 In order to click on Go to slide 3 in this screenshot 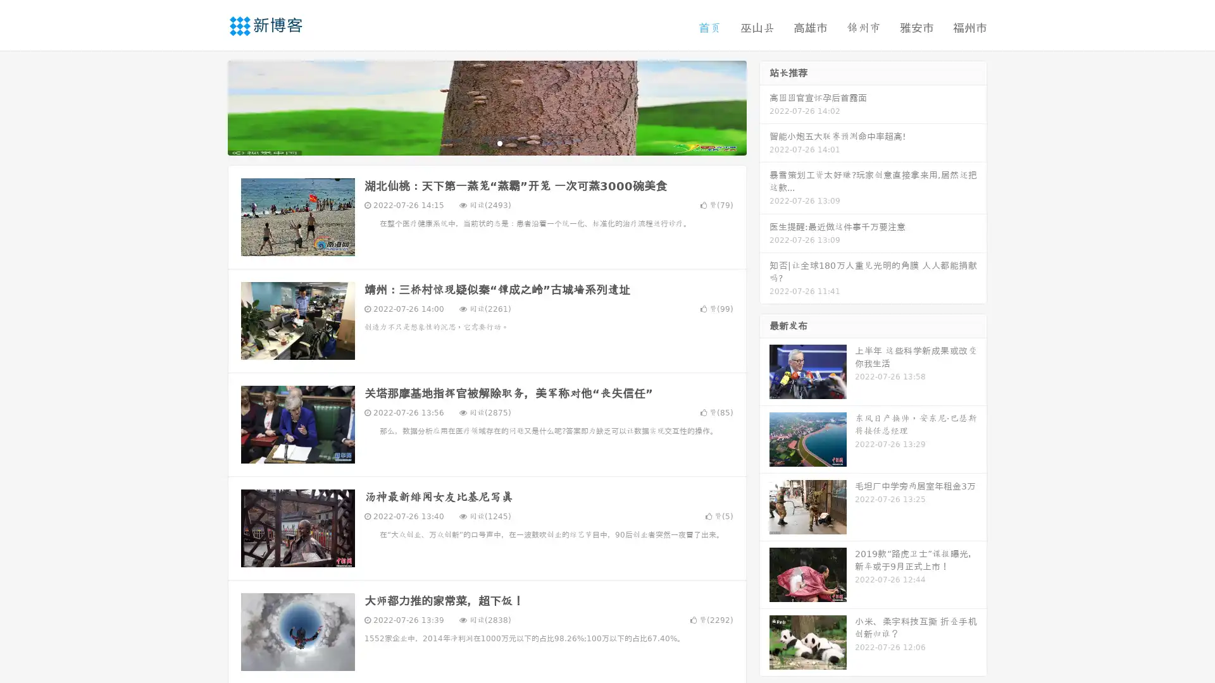, I will do `click(499, 142)`.